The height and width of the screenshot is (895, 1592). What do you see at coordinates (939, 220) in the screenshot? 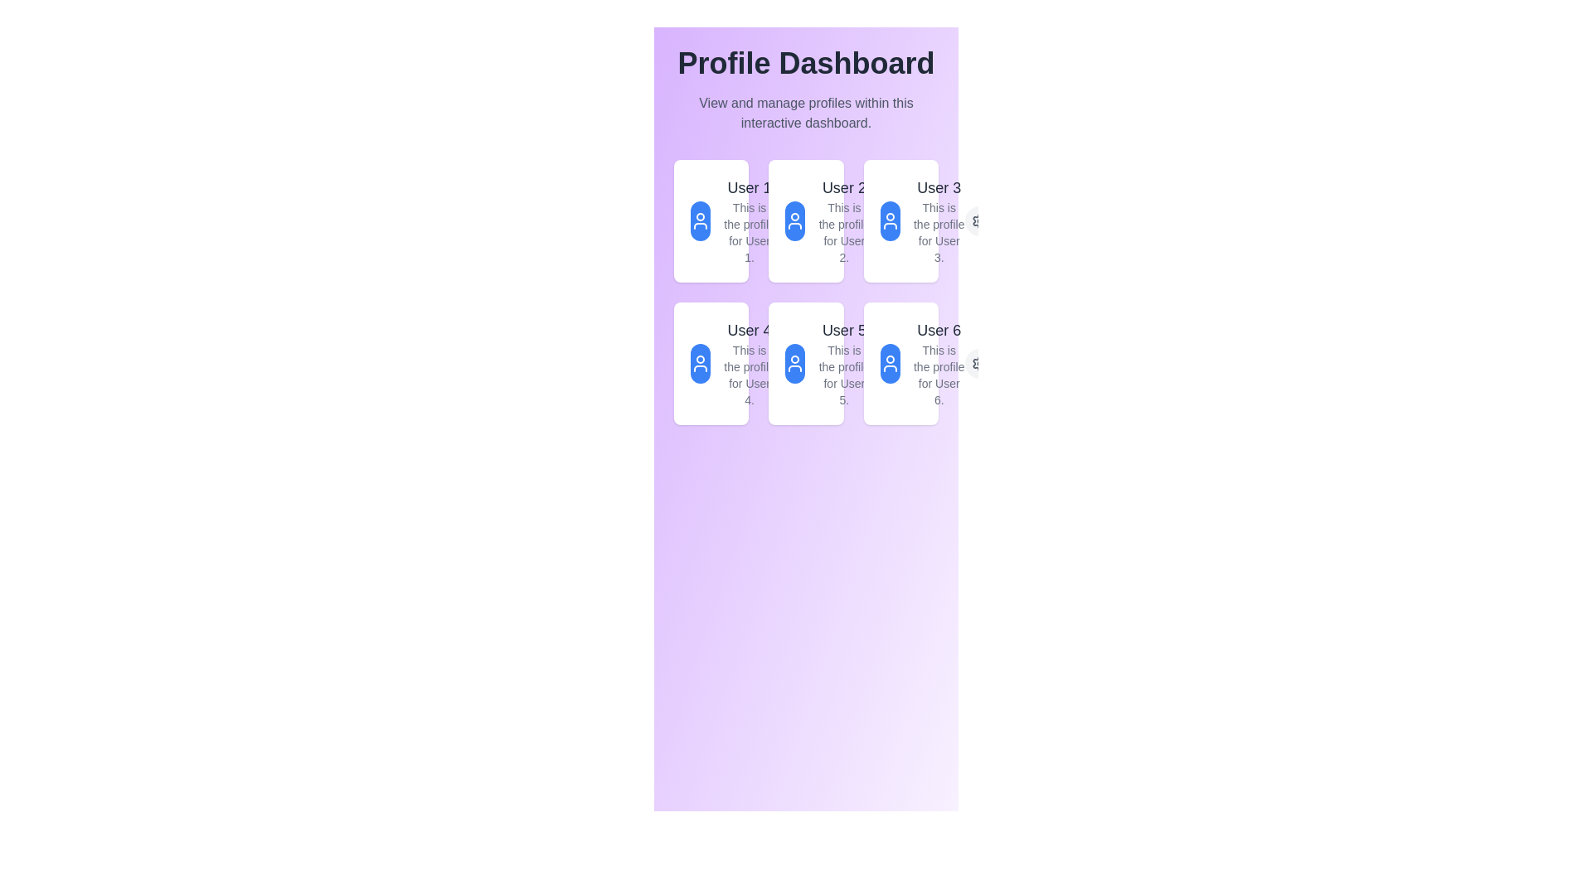
I see `the user profile summary text block displaying 'User 3' located in the top-right portion of the grid layout` at bounding box center [939, 220].